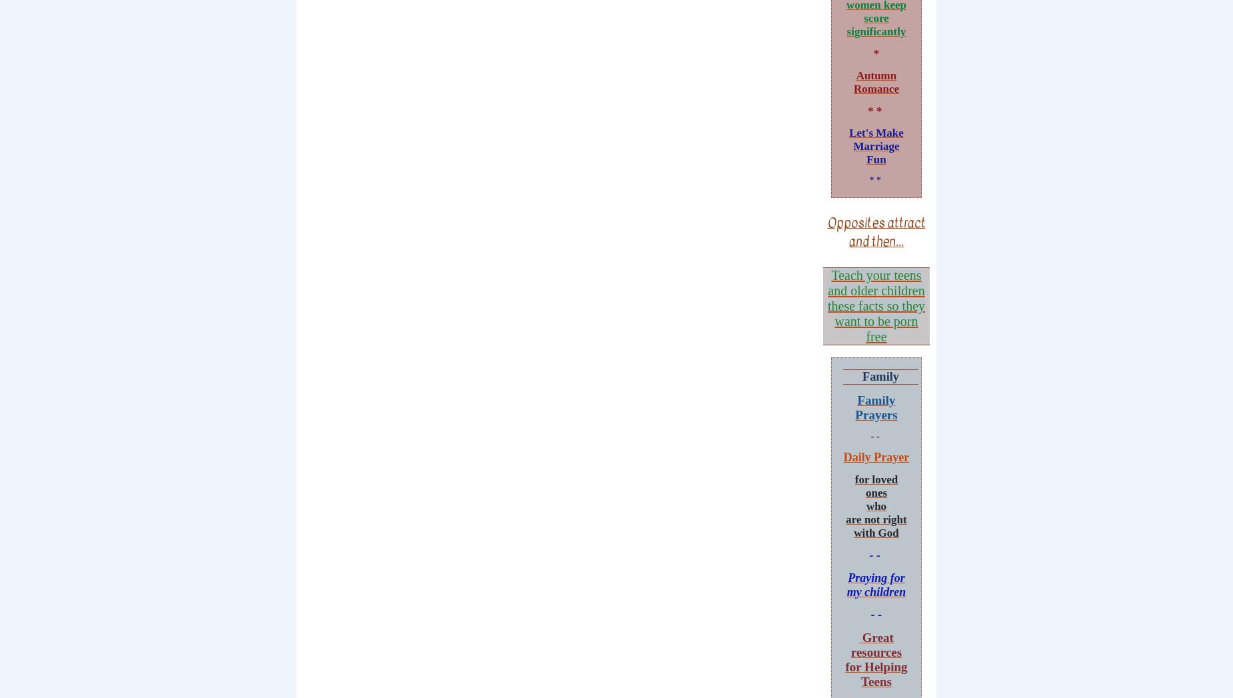  Describe the element at coordinates (875, 406) in the screenshot. I see `'Family Prayers'` at that location.